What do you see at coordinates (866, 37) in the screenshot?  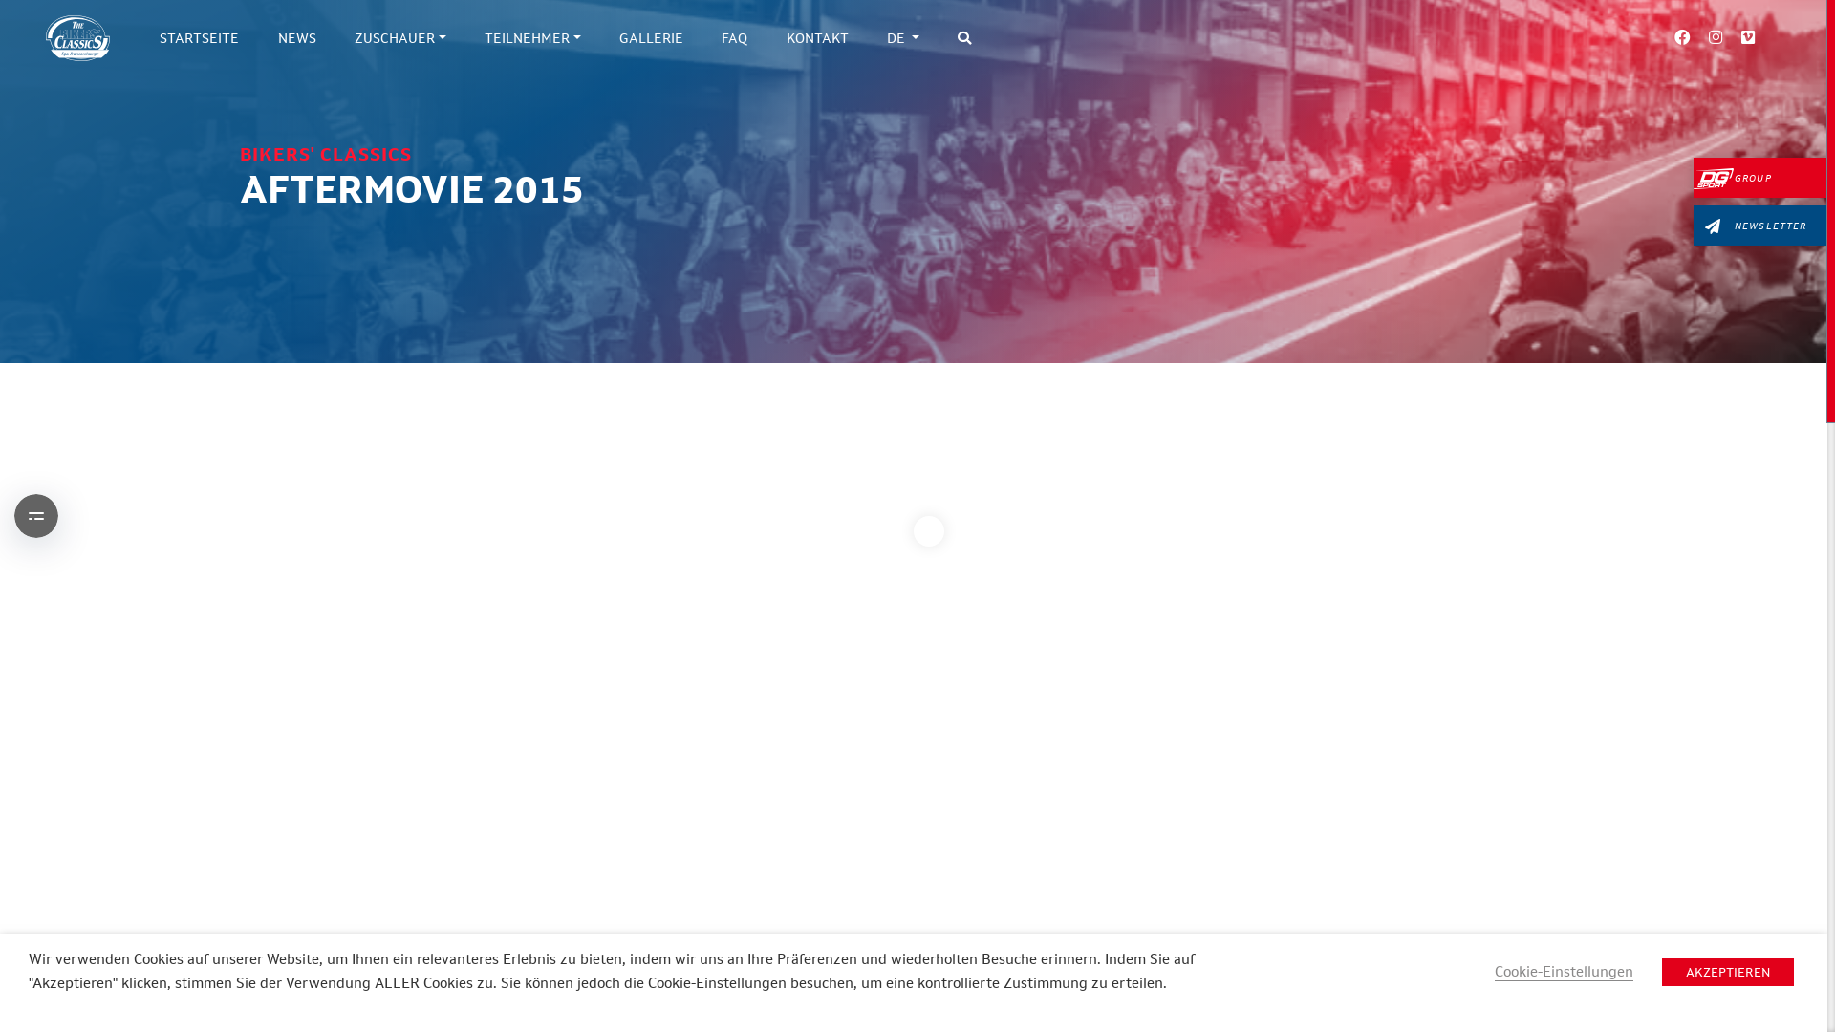 I see `'DE'` at bounding box center [866, 37].